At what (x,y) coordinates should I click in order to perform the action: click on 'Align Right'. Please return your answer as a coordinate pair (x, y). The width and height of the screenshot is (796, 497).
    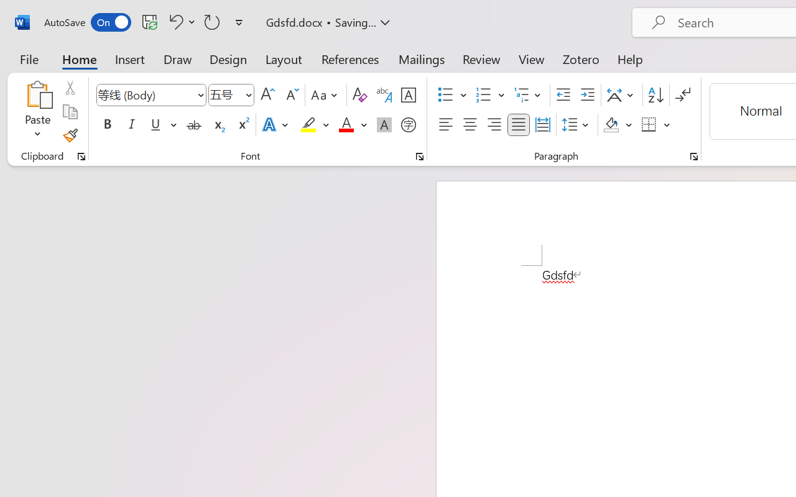
    Looking at the image, I should click on (493, 125).